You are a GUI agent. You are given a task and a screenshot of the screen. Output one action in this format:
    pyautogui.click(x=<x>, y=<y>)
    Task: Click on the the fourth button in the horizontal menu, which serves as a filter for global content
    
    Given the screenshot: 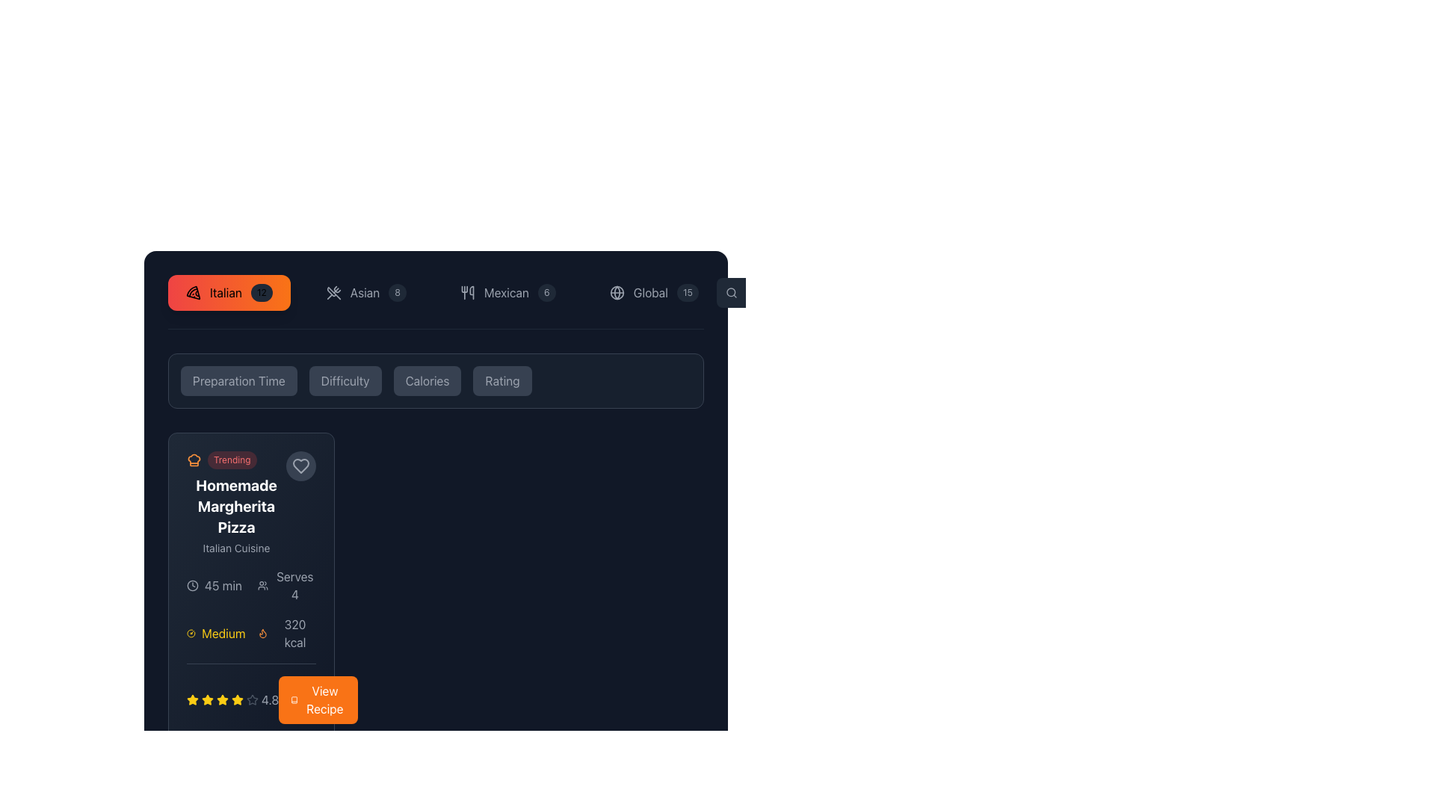 What is the action you would take?
    pyautogui.click(x=654, y=293)
    